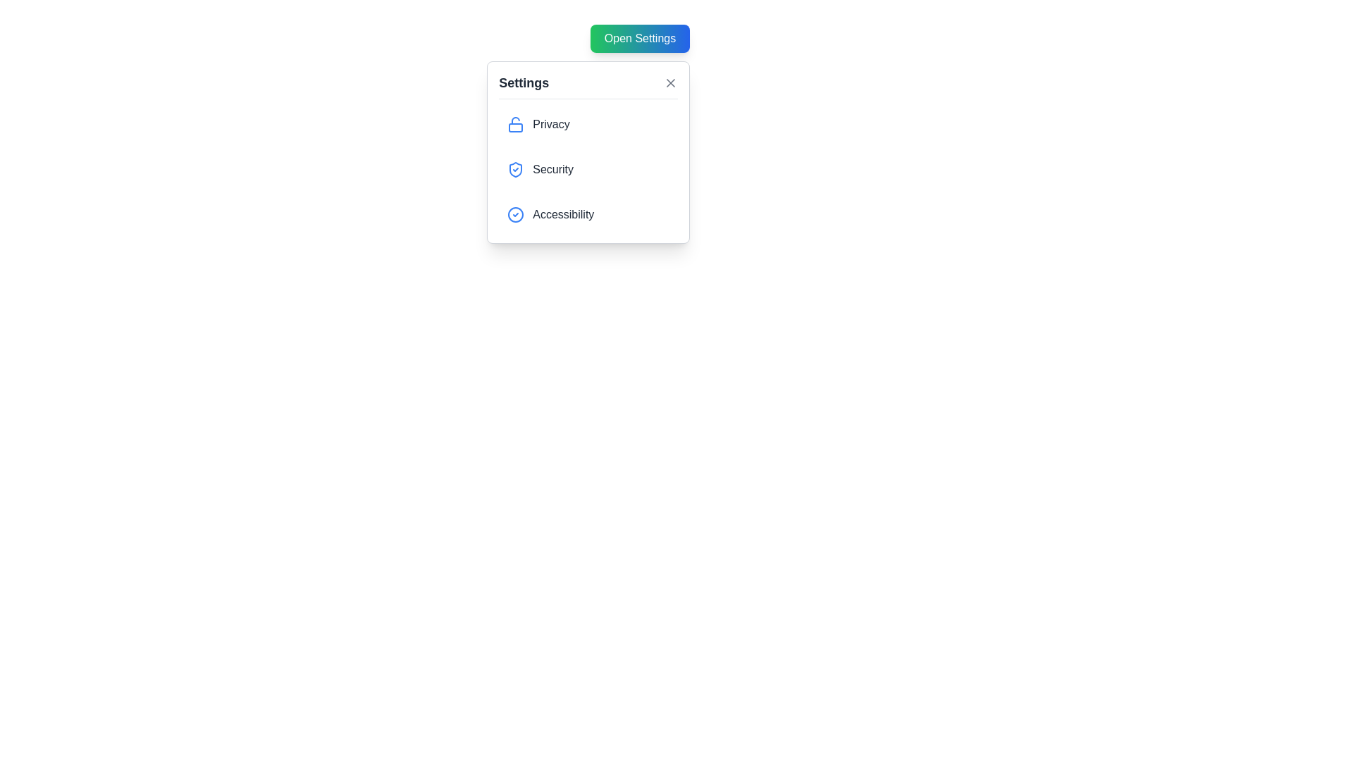 The image size is (1353, 761). I want to click on the shield icon representing the 'Security' settings option in the menu, which is positioned to the left of the 'Security' text label, so click(515, 168).